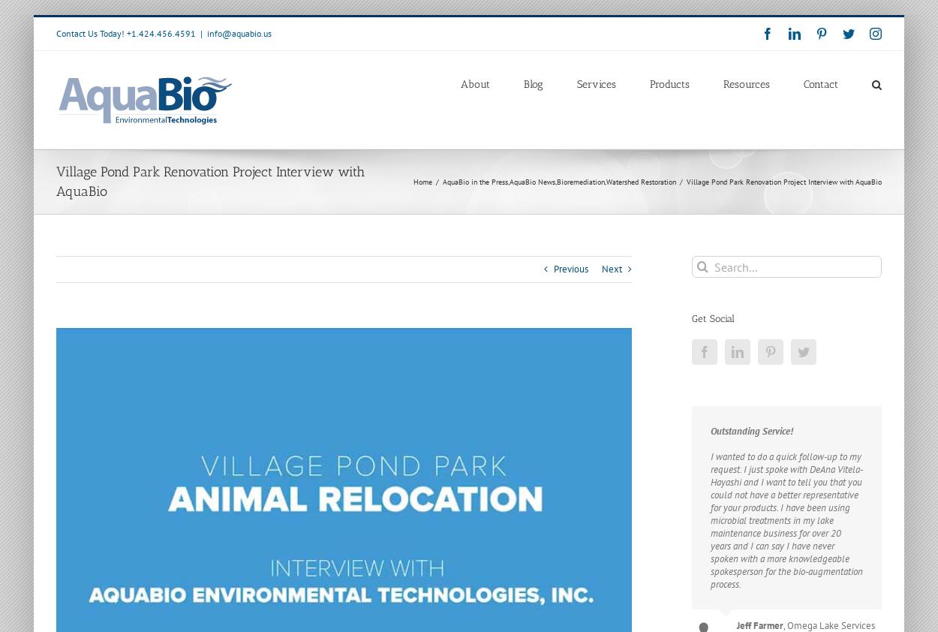  What do you see at coordinates (647, 244) in the screenshot?
I see `'Wave Mitigation Using Floating Islands'` at bounding box center [647, 244].